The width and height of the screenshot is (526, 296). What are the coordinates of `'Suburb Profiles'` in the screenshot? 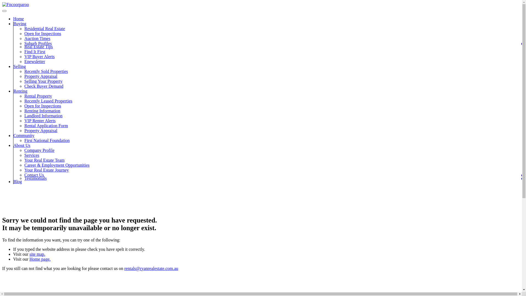 It's located at (38, 43).